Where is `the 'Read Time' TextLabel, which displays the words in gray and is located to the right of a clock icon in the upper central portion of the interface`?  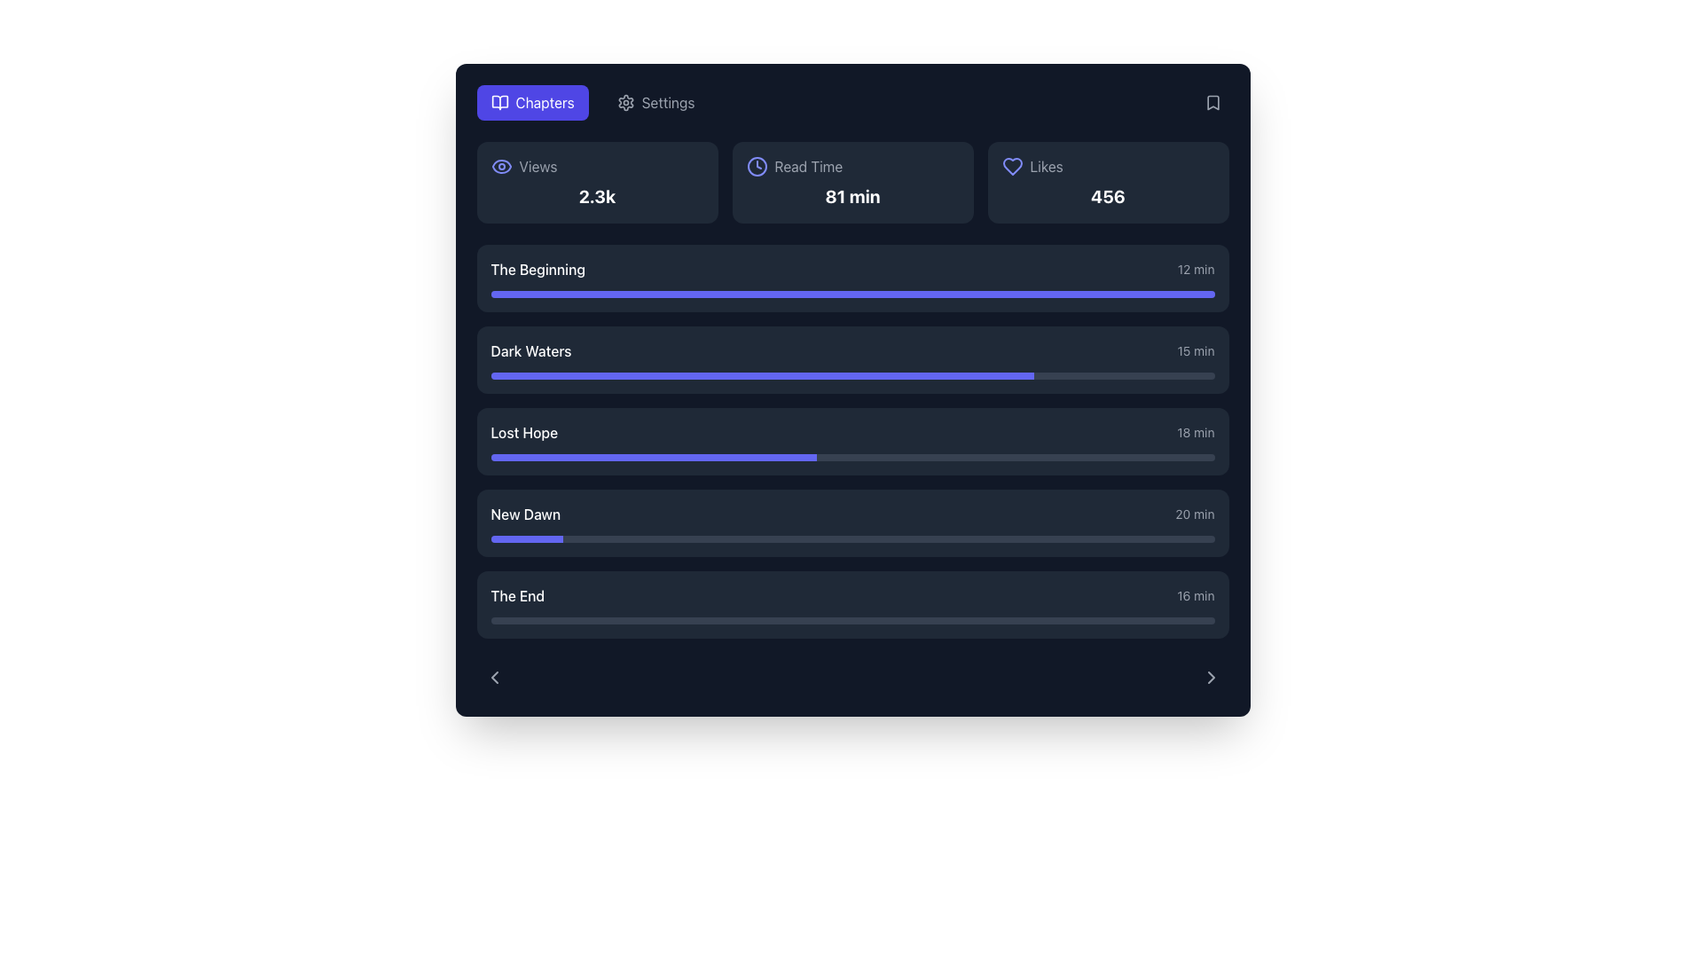 the 'Read Time' TextLabel, which displays the words in gray and is located to the right of a clock icon in the upper central portion of the interface is located at coordinates (807, 167).